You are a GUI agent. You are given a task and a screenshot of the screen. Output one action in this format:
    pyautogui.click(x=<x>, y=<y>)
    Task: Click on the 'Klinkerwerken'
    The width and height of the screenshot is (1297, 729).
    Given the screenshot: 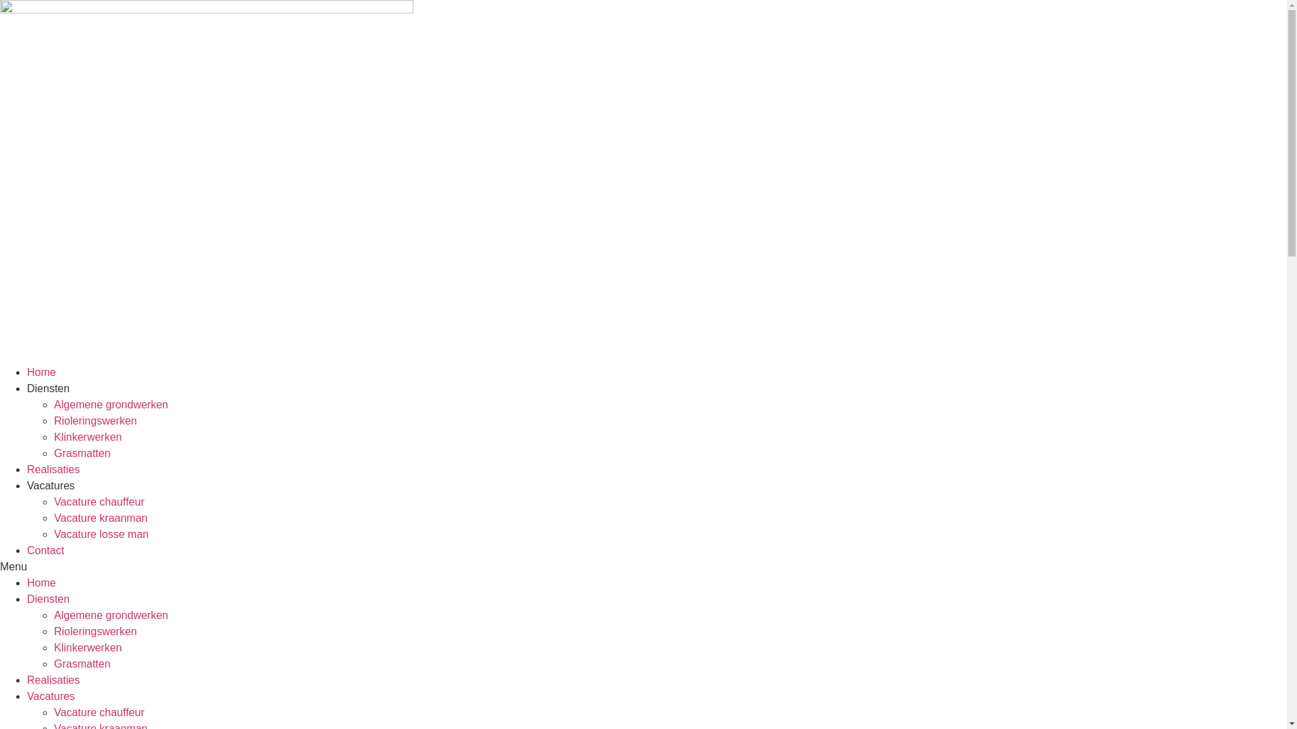 What is the action you would take?
    pyautogui.click(x=86, y=647)
    